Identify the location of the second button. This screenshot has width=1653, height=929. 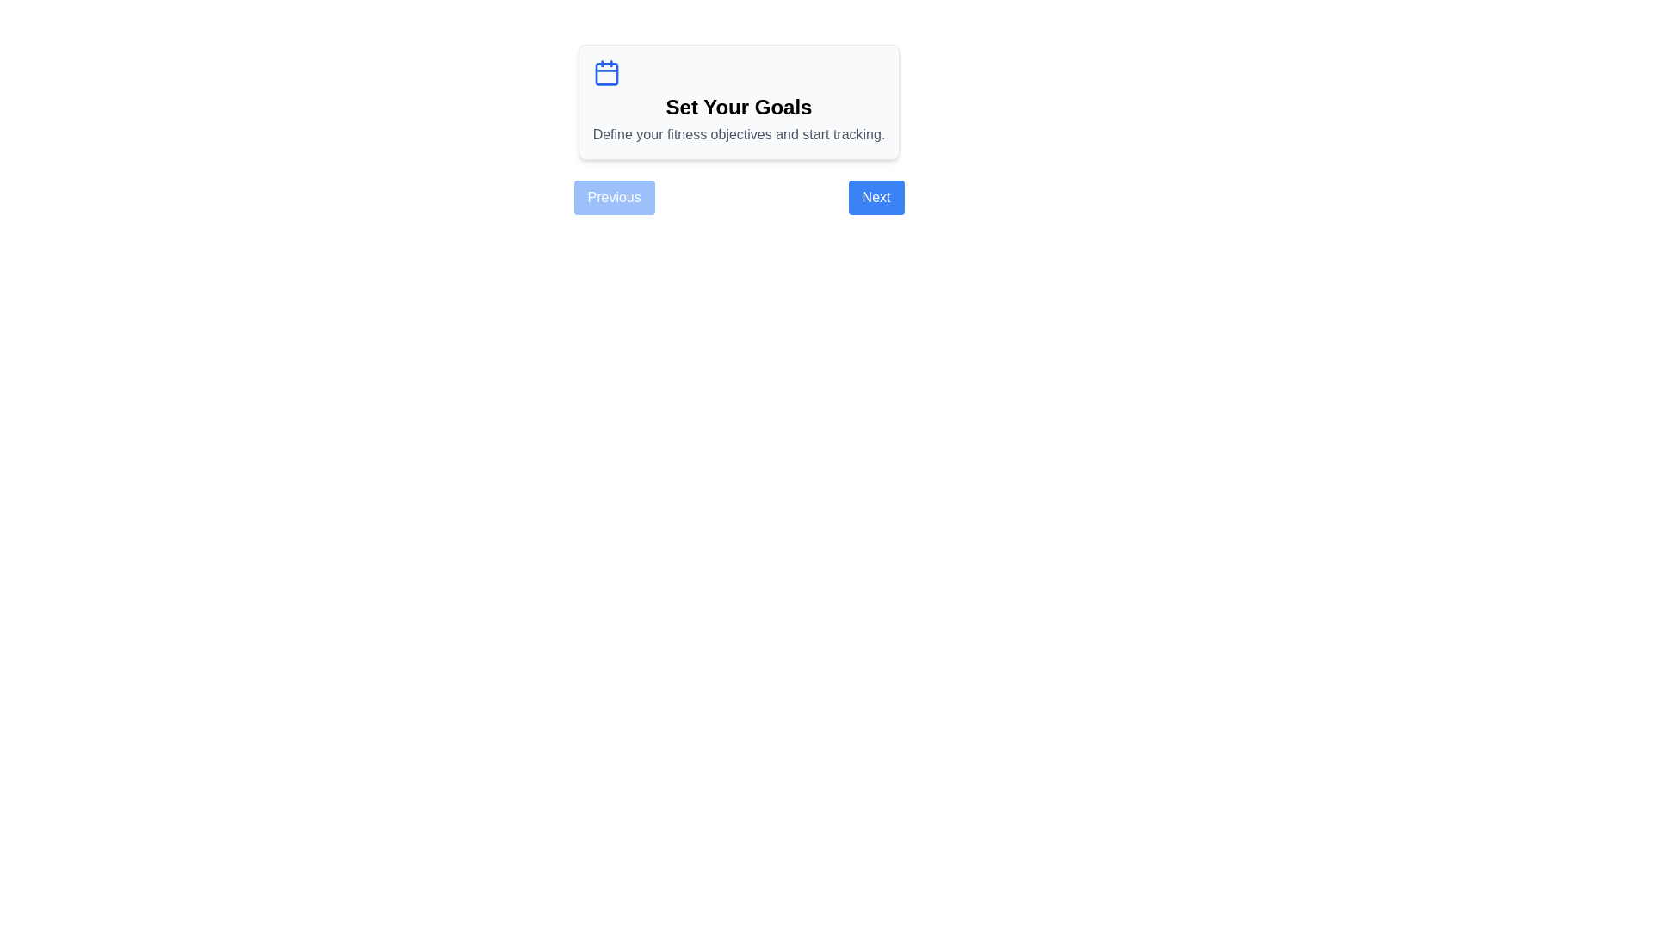
(876, 197).